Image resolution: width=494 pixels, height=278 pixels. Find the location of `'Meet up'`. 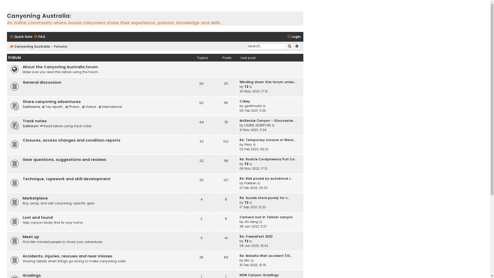

'Meet up' is located at coordinates (31, 237).